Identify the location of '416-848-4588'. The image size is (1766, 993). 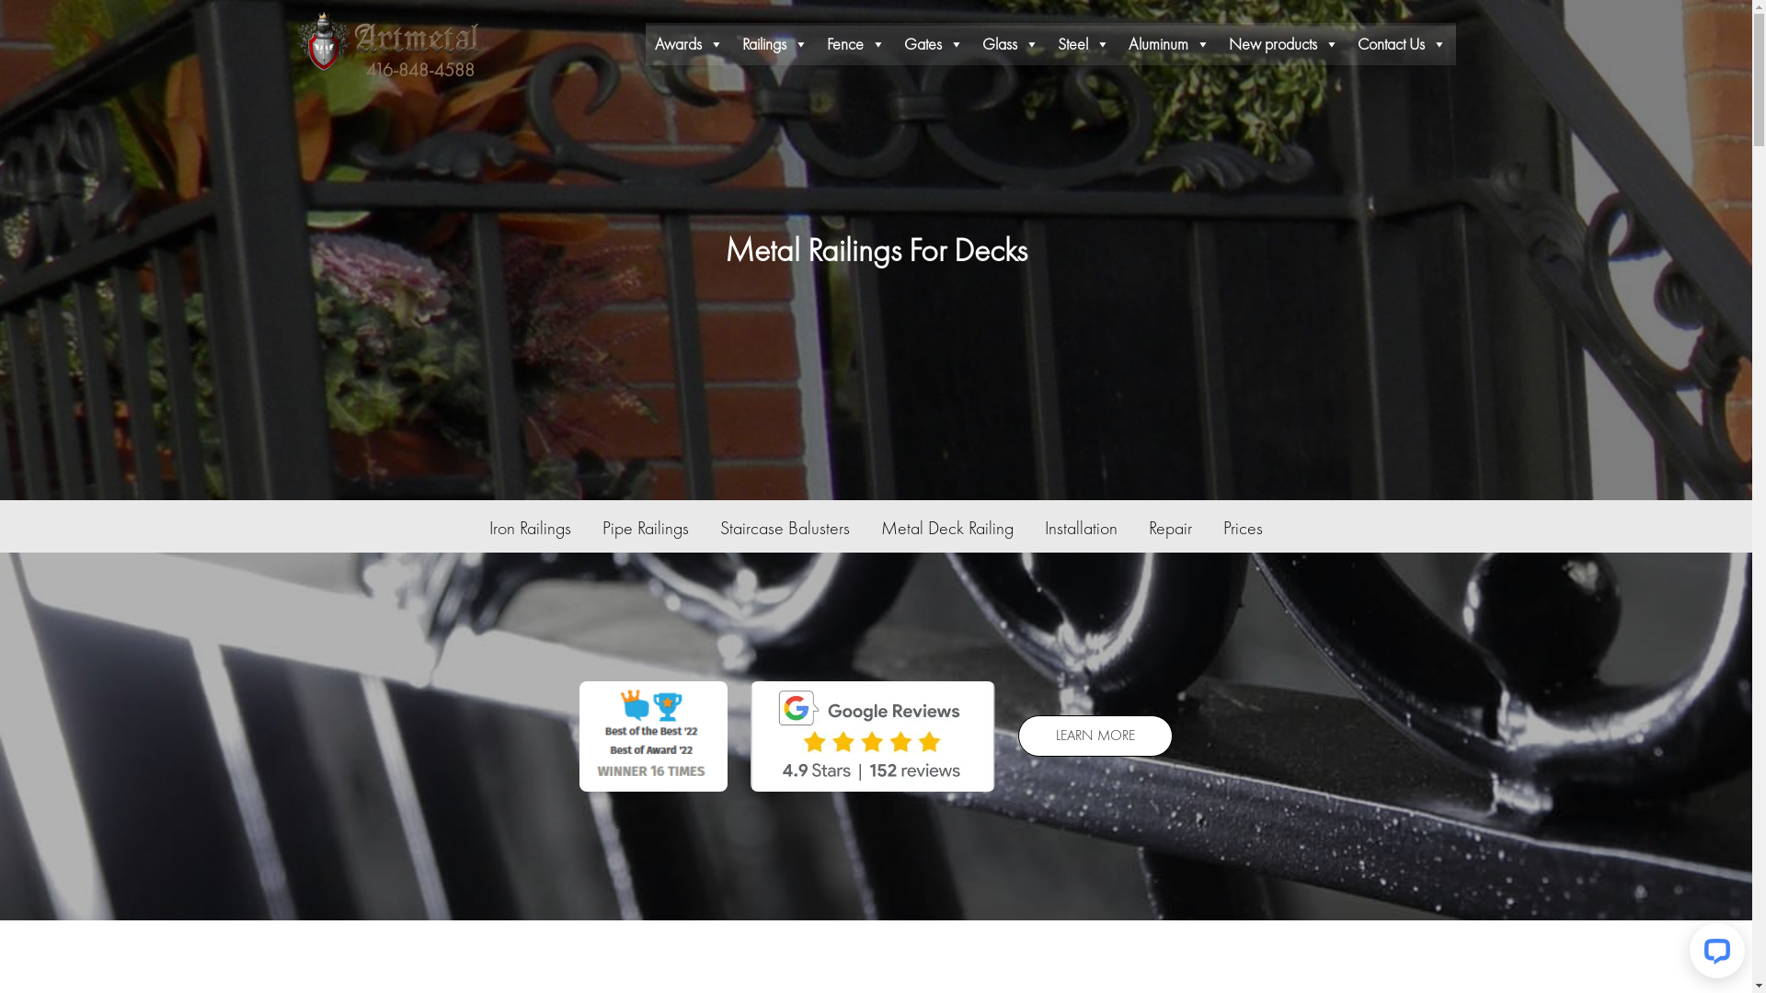
(419, 69).